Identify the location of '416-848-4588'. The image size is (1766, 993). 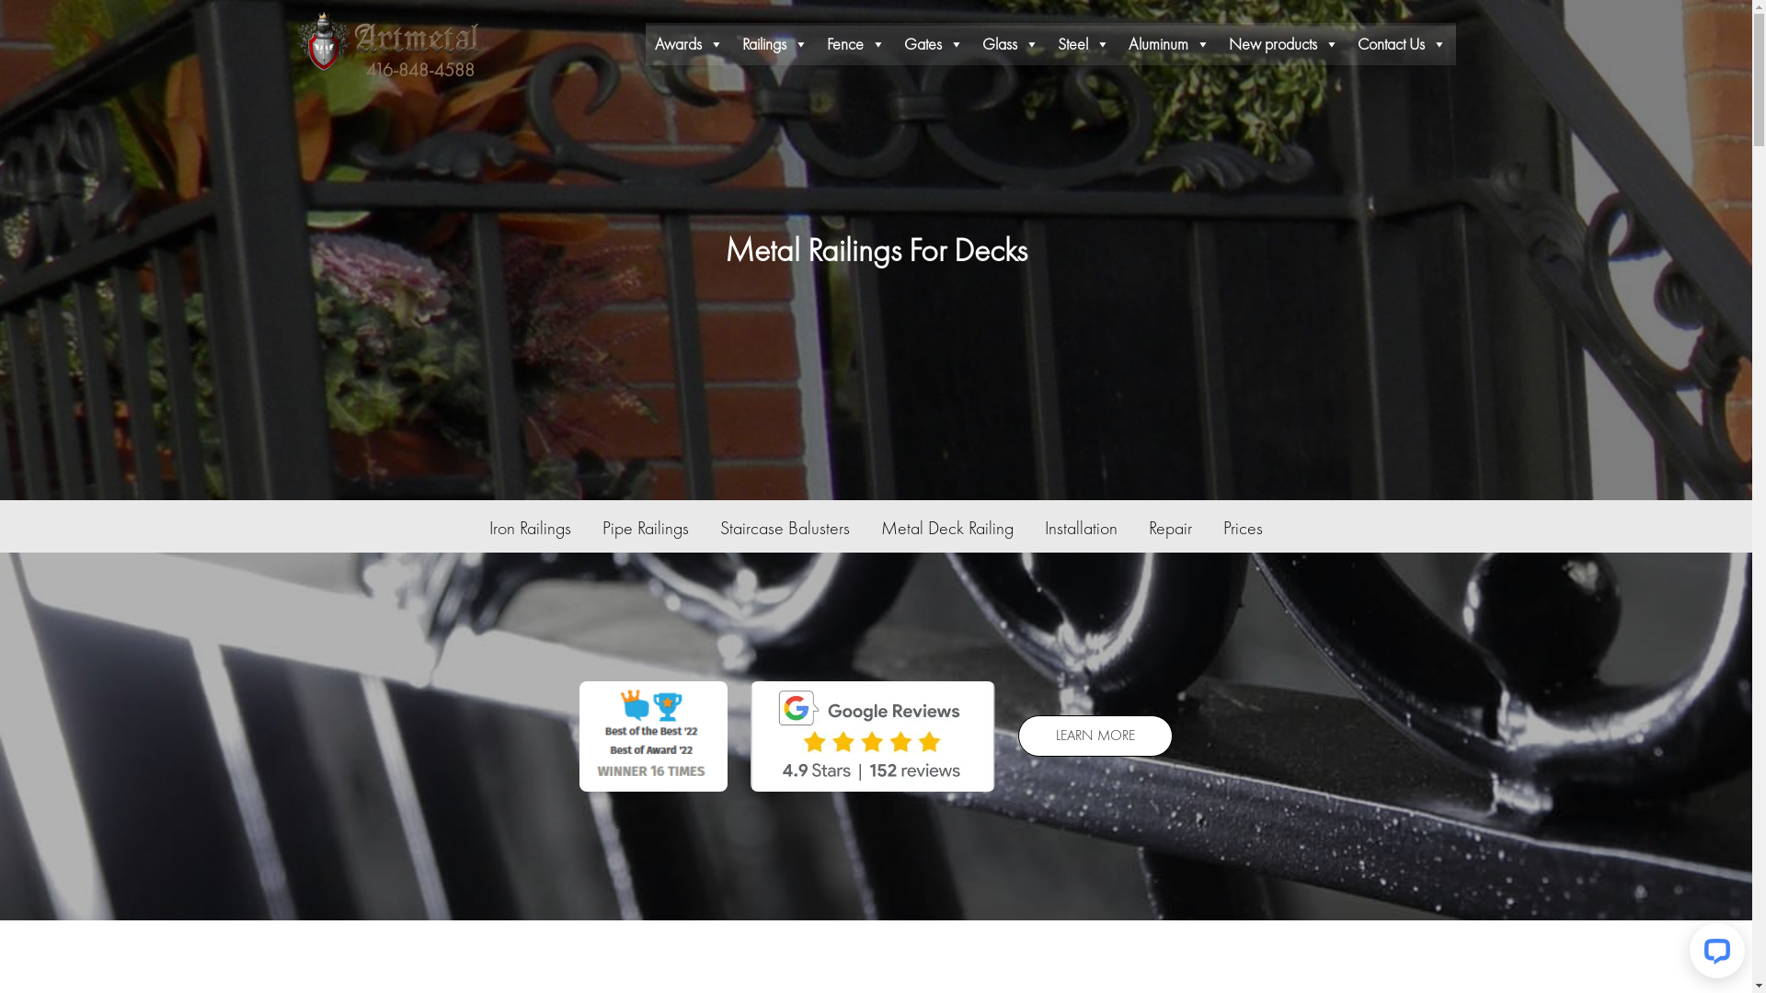
(419, 69).